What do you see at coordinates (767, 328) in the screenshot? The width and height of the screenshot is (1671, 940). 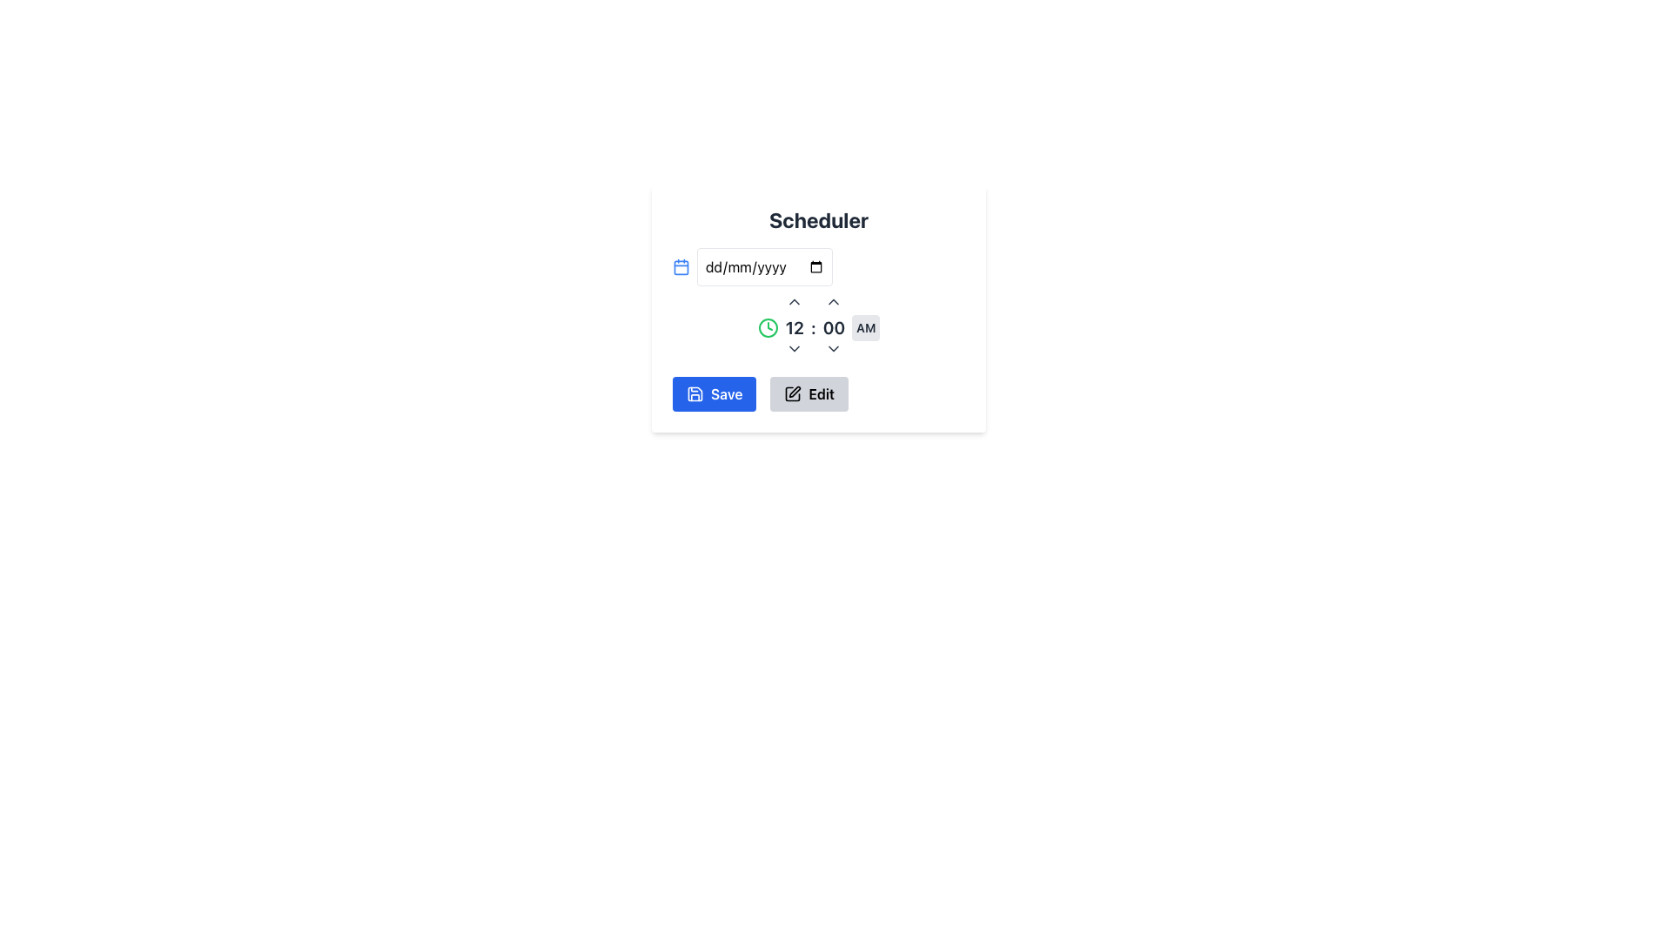 I see `the clock face graphical component that represents the outer boundary of the clock icon, adjacent to the time input field in the scheduler widget` at bounding box center [767, 328].